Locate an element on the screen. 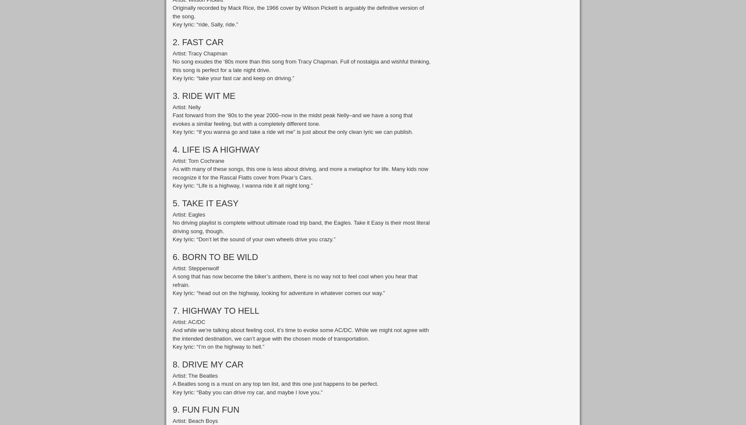 Image resolution: width=746 pixels, height=425 pixels. 'As with many of these songs, this one is less about driving, and more a metaphor for life. Many kids now recognize it for the Rascal Flatts cover from Pixar’s Cars.' is located at coordinates (300, 173).